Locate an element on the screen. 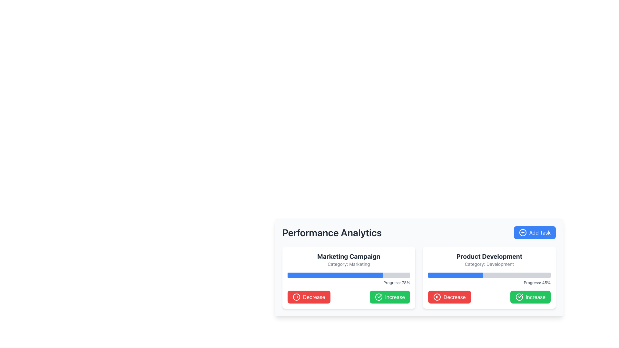 This screenshot has width=619, height=348. the text label stating 'Category: Marketing' which is positioned under the title 'Marketing Campaign' in a white card is located at coordinates (348, 264).